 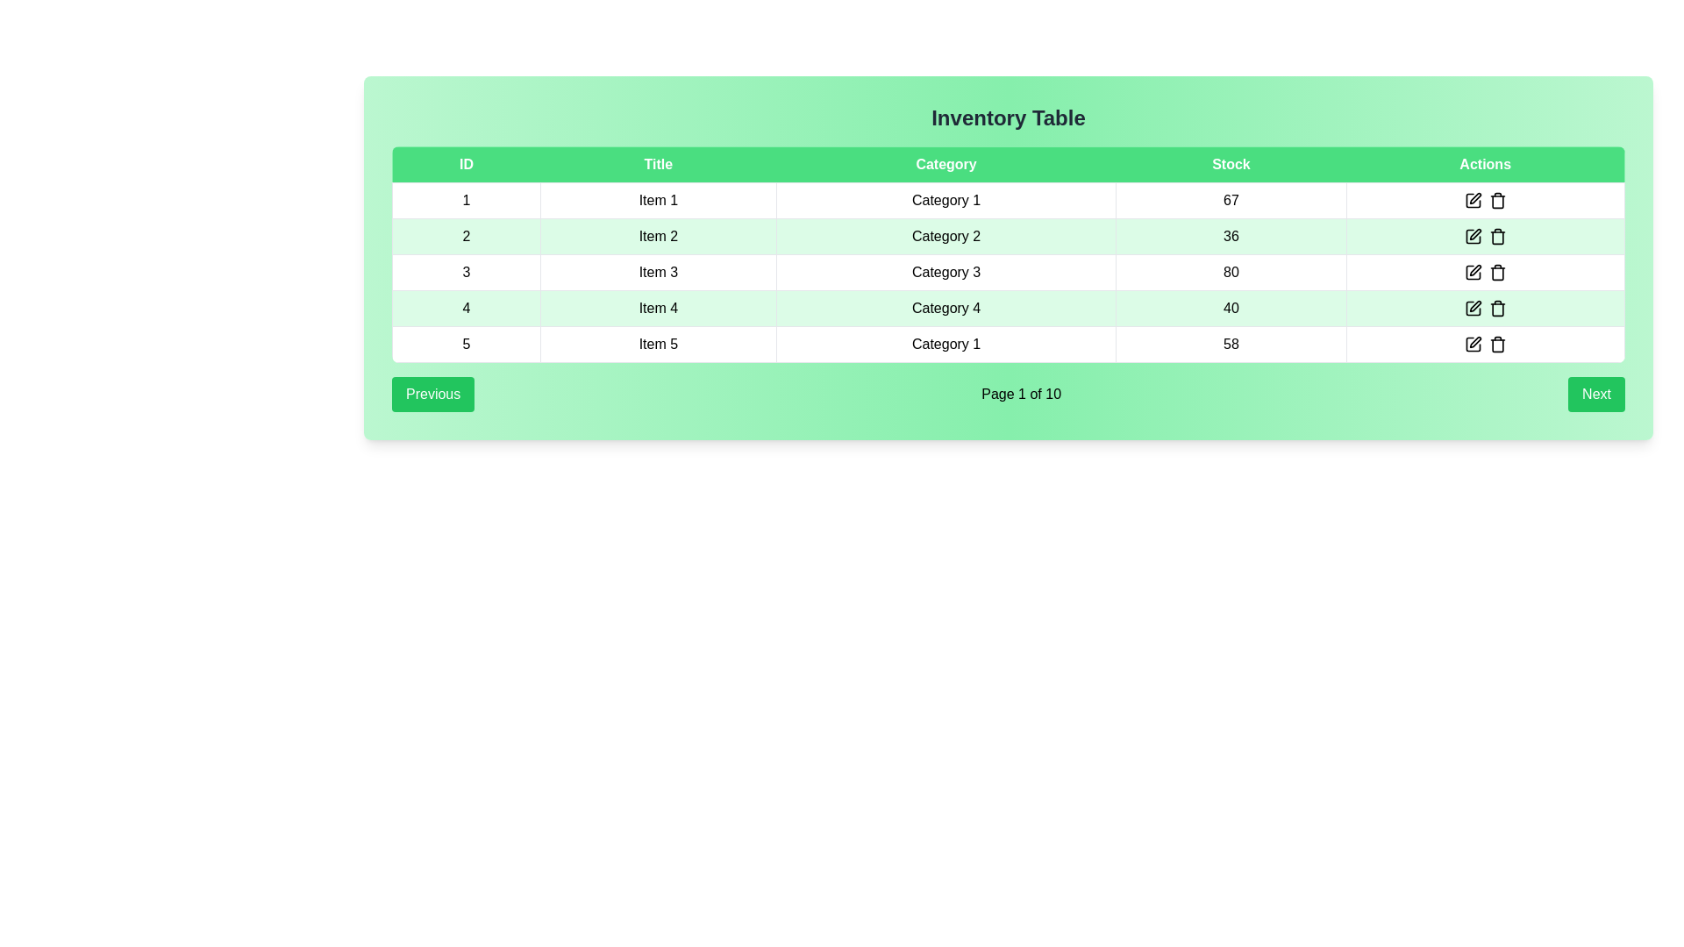 I want to click on the text label displaying '80' in the 'Stock' column of the table for 'Item 3', which is located in the fourth column of the third row, so click(x=1230, y=273).